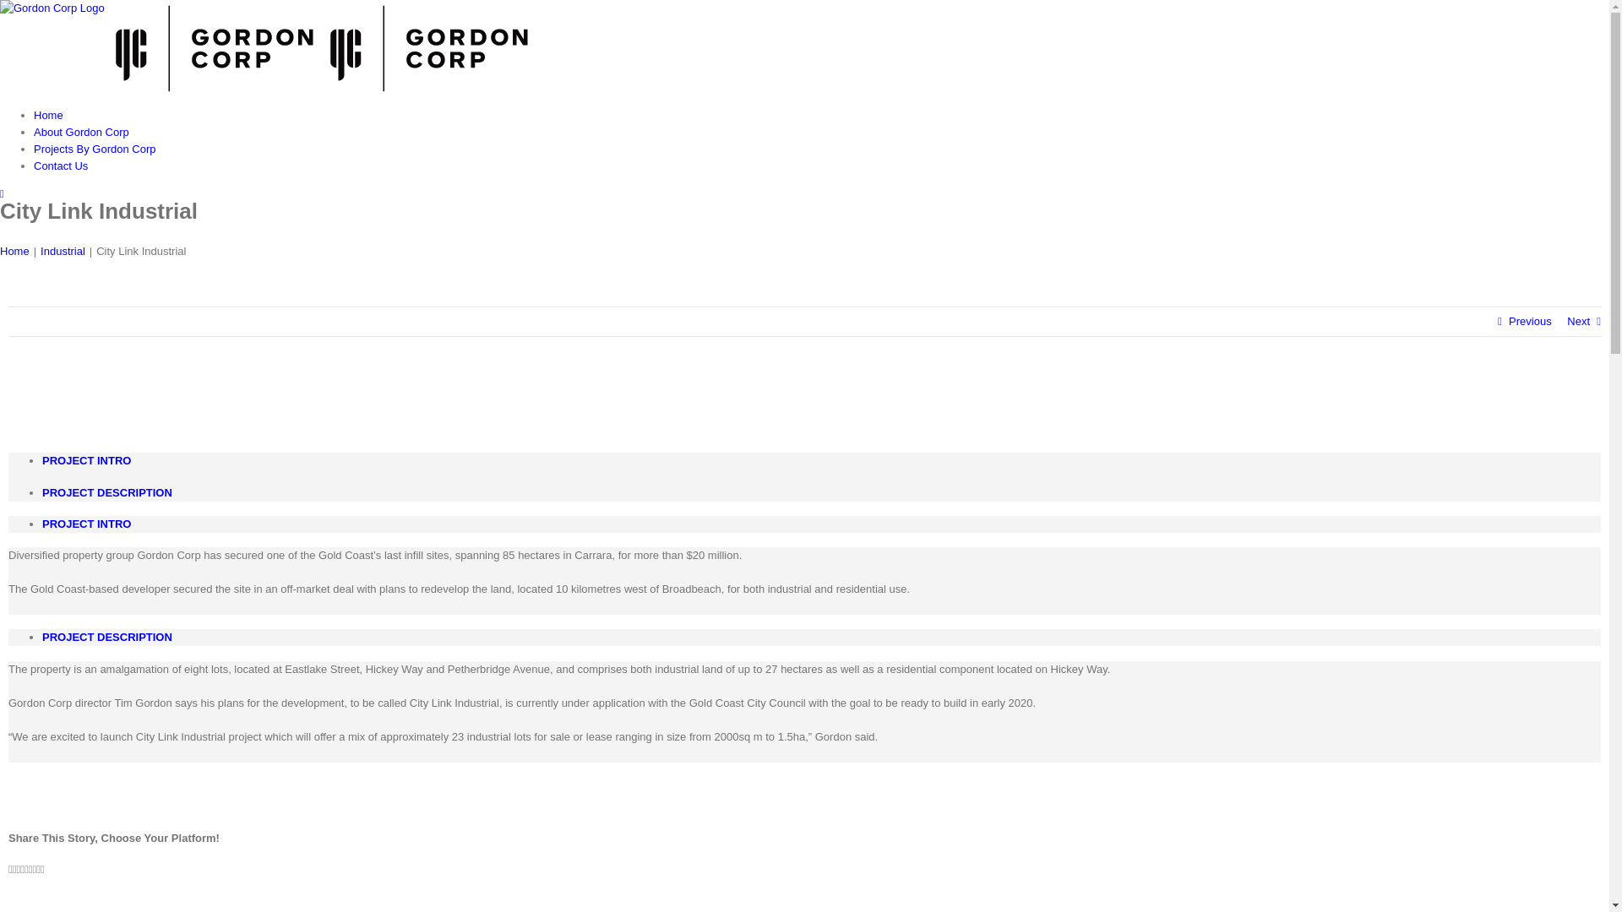 The height and width of the screenshot is (912, 1622). Describe the element at coordinates (19, 869) in the screenshot. I see `'LinkedIn'` at that location.